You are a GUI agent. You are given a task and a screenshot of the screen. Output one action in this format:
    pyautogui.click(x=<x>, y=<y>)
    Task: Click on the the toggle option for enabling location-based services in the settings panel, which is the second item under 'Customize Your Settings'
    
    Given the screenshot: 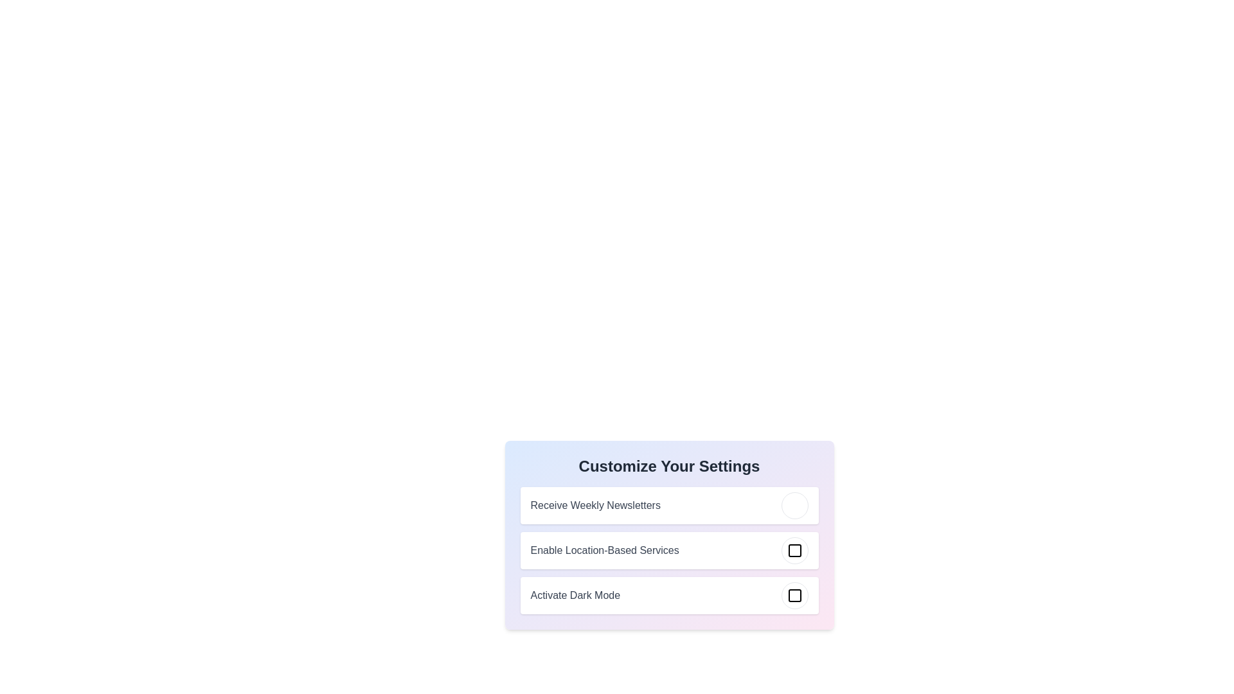 What is the action you would take?
    pyautogui.click(x=668, y=535)
    